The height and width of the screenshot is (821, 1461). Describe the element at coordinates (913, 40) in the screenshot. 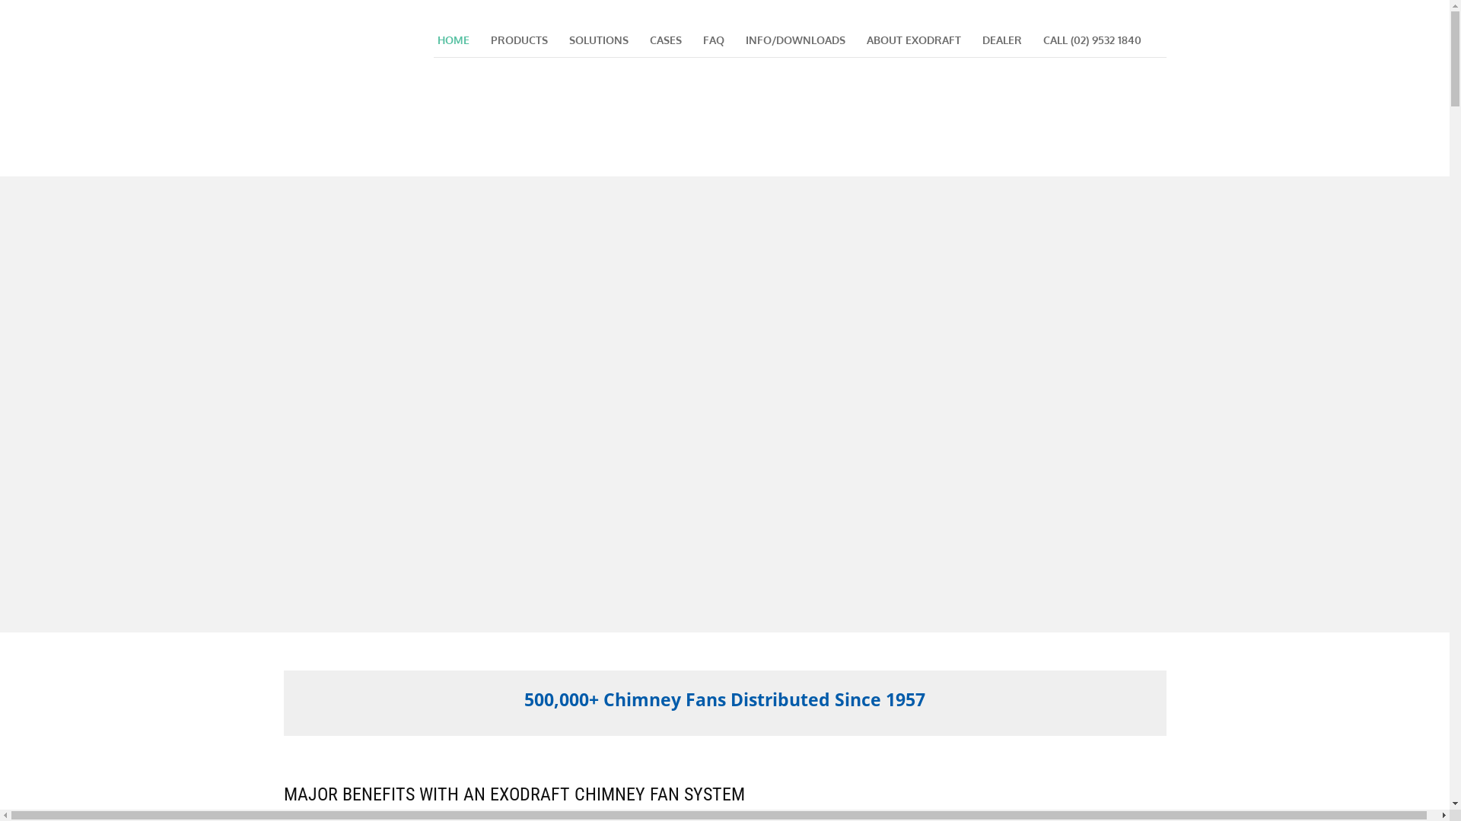

I see `'ABOUT EXODRAFT'` at that location.